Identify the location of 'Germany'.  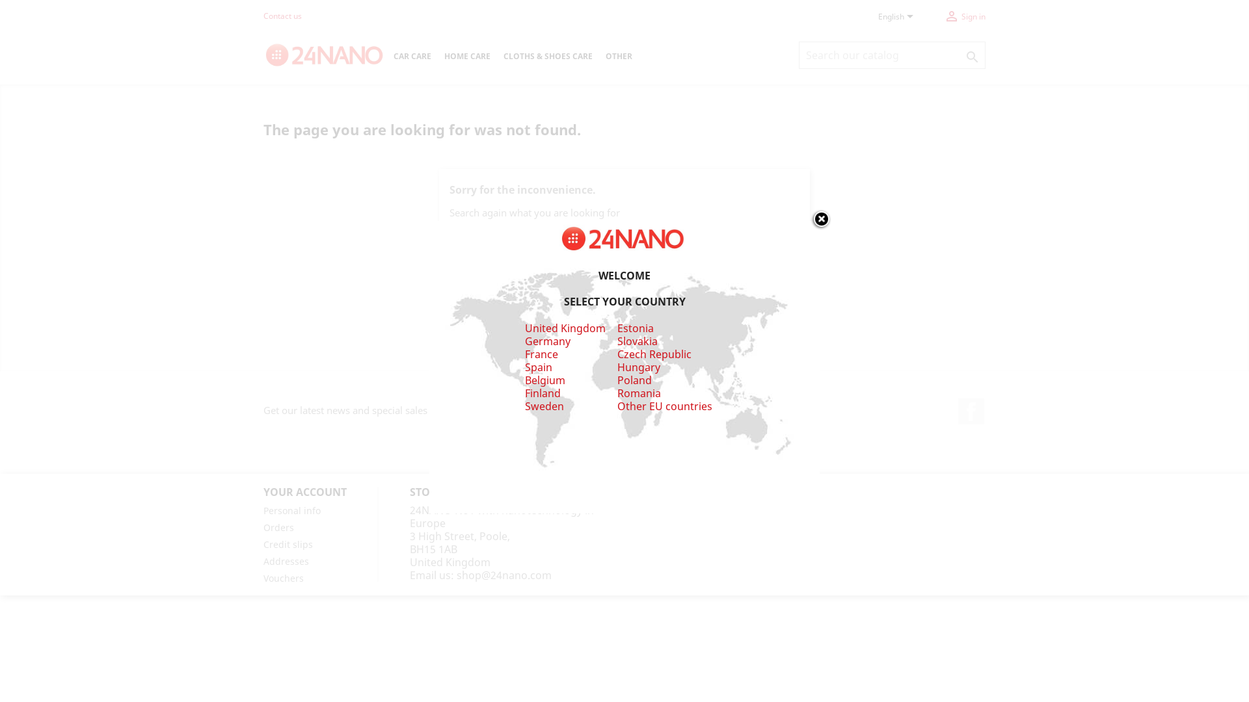
(546, 340).